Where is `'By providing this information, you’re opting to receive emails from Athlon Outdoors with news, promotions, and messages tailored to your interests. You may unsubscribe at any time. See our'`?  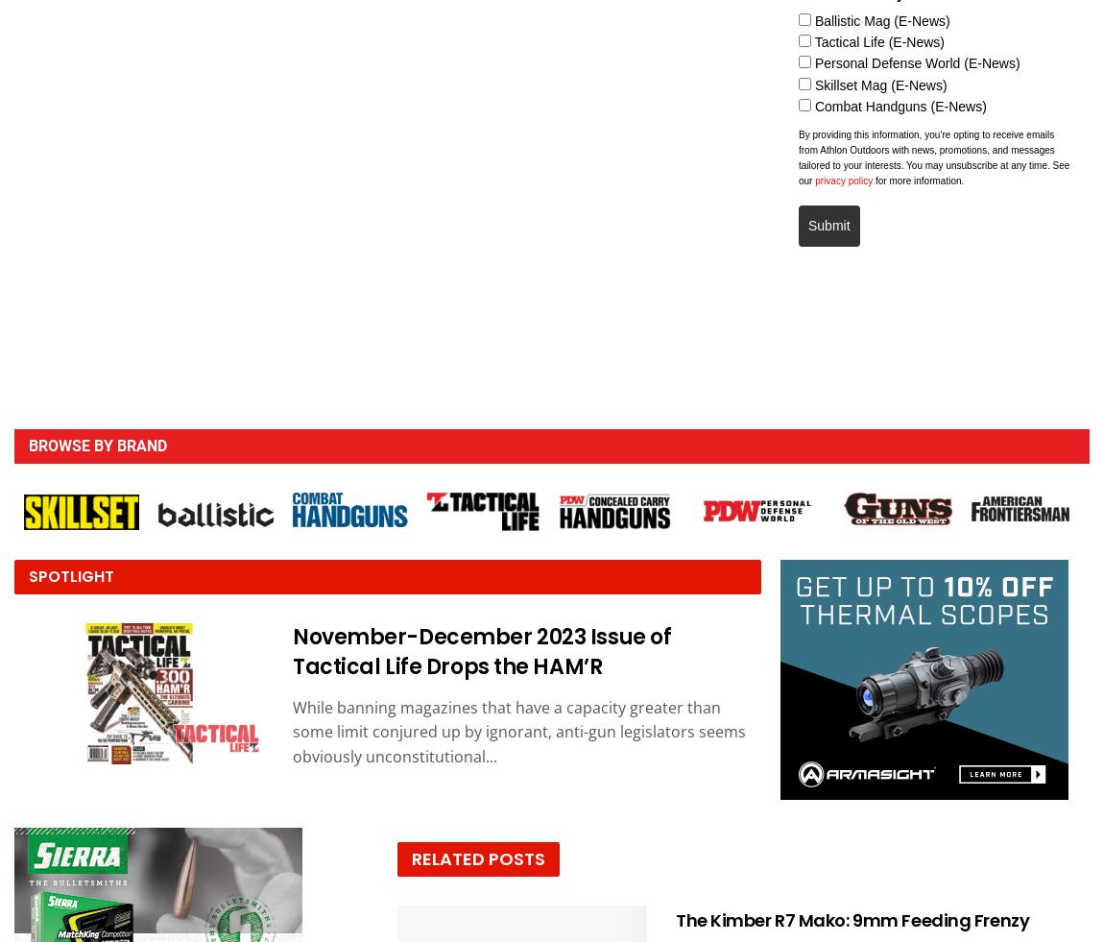
'By providing this information, you’re opting to receive emails from Athlon Outdoors with news, promotions, and messages tailored to your interests. You may unsubscribe at any time. See our' is located at coordinates (796, 156).